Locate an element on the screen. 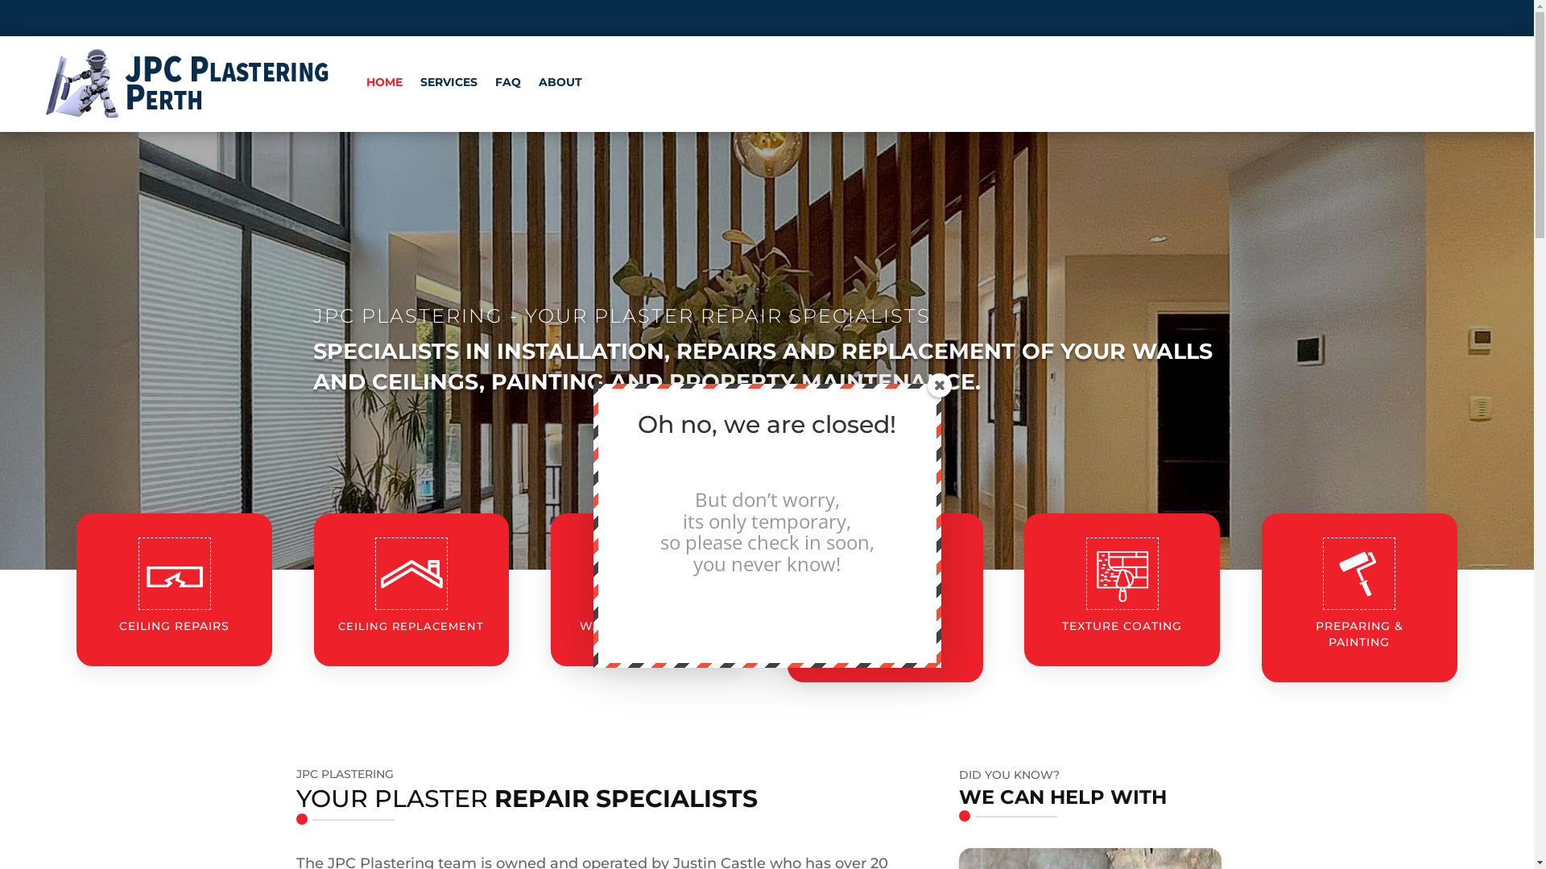 The width and height of the screenshot is (1546, 869). 'ABOUT' is located at coordinates (560, 81).